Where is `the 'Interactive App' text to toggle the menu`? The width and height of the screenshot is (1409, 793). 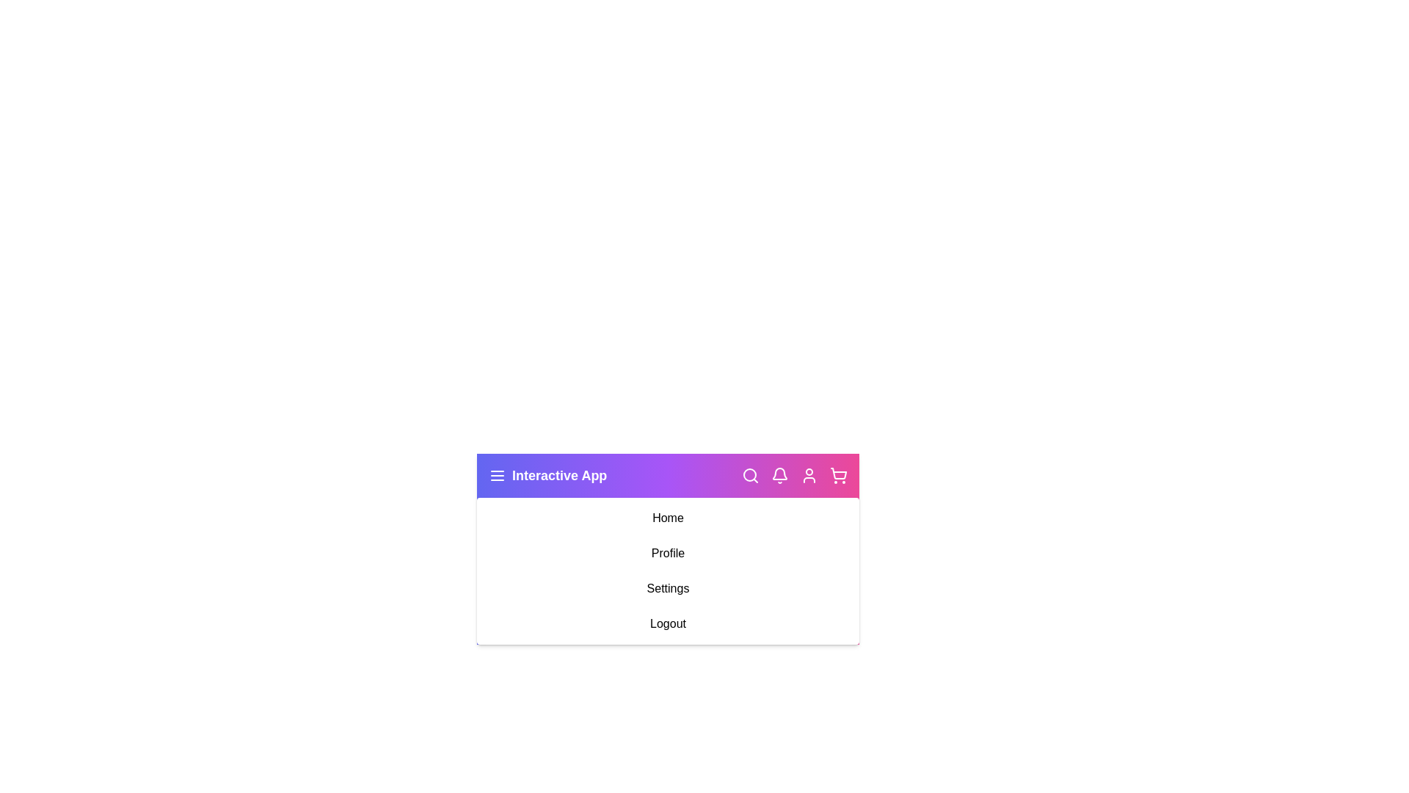
the 'Interactive App' text to toggle the menu is located at coordinates (546, 476).